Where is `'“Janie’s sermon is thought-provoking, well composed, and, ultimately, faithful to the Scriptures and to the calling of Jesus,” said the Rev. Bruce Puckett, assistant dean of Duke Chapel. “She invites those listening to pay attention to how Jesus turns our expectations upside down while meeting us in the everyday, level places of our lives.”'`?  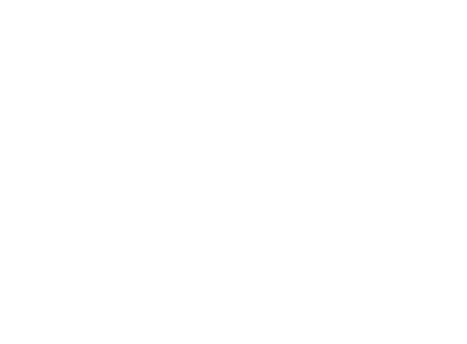 '“Janie’s sermon is thought-provoking, well composed, and, ultimately, faithful to the Scriptures and to the calling of Jesus,” said the Rev. Bruce Puckett, assistant dean of Duke Chapel. “She invites those listening to pay attention to how Jesus turns our expectations upside down while meeting us in the everyday, level places of our lives.”' is located at coordinates (232, 285).